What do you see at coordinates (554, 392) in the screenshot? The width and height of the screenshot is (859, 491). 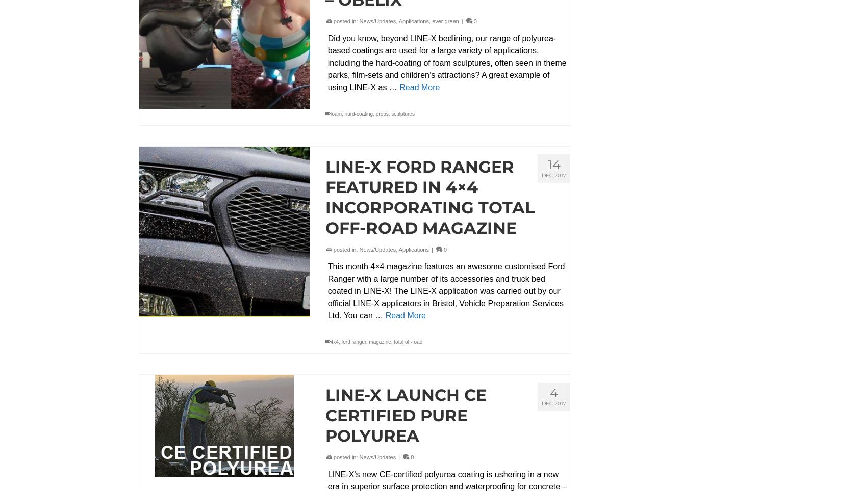 I see `'4'` at bounding box center [554, 392].